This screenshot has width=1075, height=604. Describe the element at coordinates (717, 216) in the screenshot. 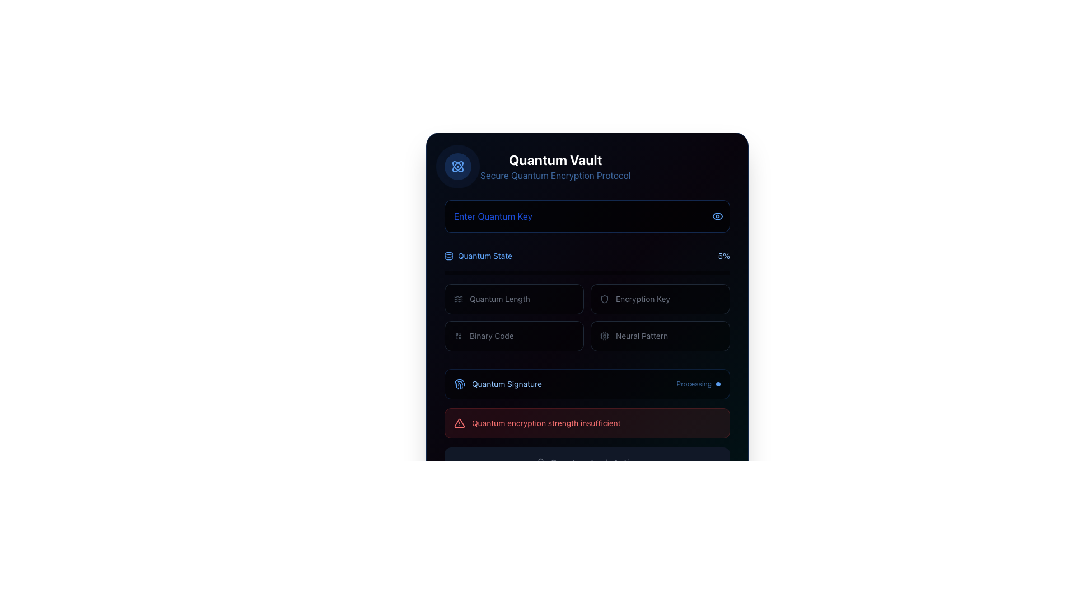

I see `the blue eye-shaped icon button located to the right of the 'Enter Quantum Key' text input field` at that location.